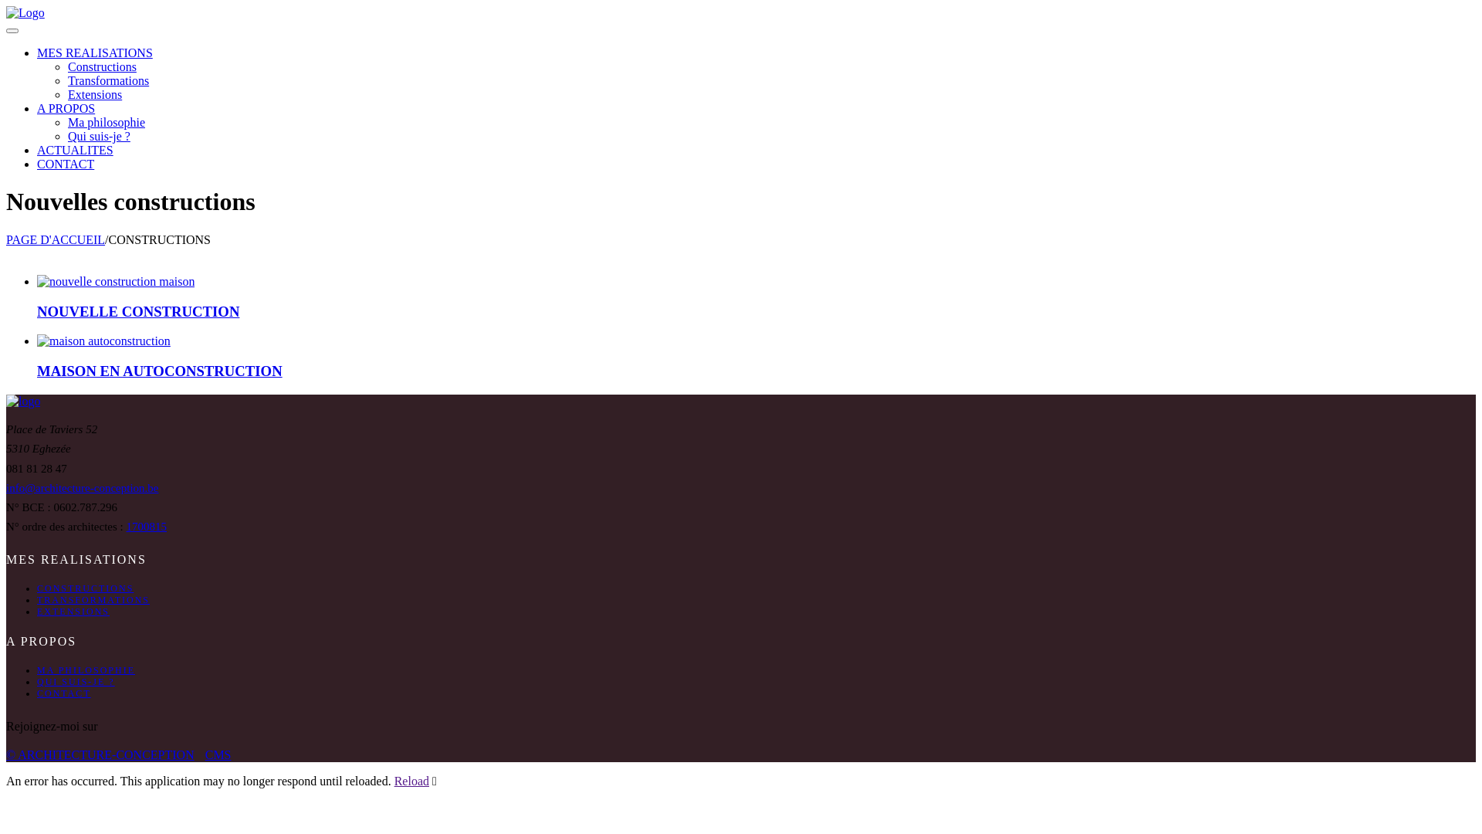 The image size is (1482, 834). I want to click on 'info@architecture-conception.be', so click(81, 488).